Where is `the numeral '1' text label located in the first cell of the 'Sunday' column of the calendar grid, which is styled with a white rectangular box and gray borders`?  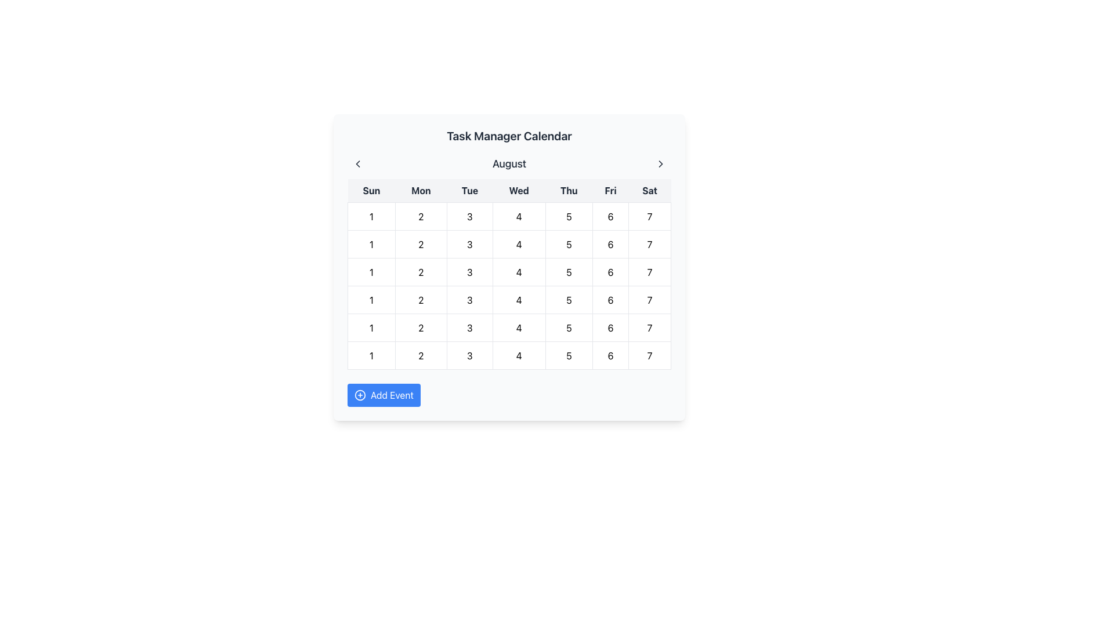 the numeral '1' text label located in the first cell of the 'Sunday' column of the calendar grid, which is styled with a white rectangular box and gray borders is located at coordinates (371, 243).